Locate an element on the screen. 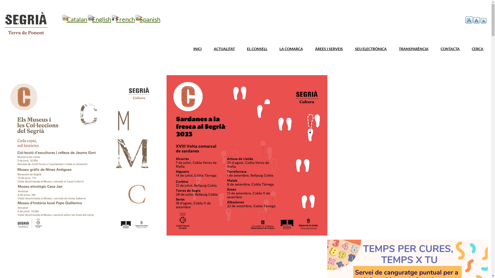 The image size is (495, 278). 'INICI' is located at coordinates (197, 49).